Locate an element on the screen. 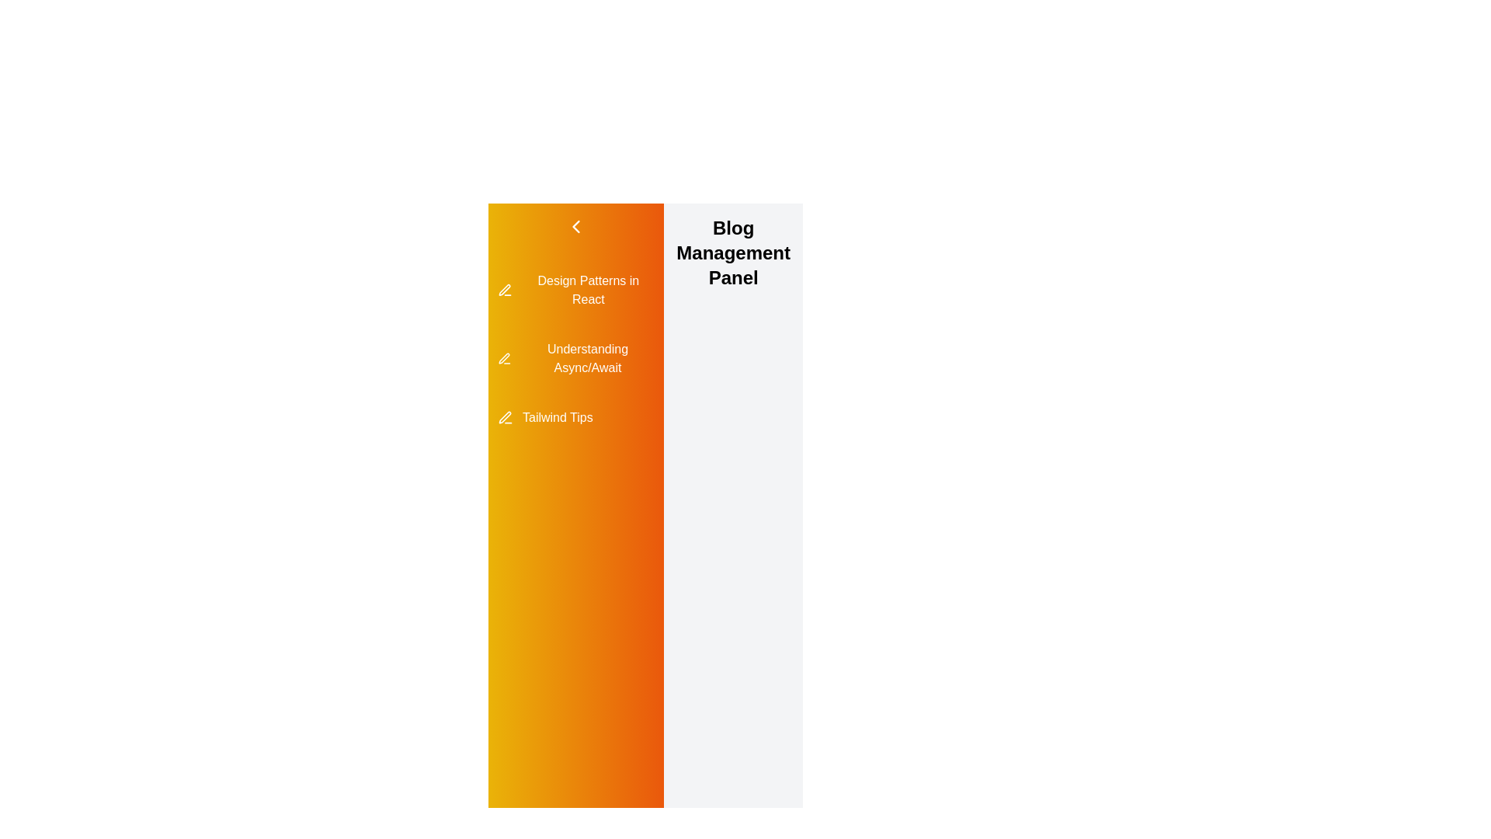  the icon associated with the blog entry titled Understanding Async/Await is located at coordinates (504, 359).